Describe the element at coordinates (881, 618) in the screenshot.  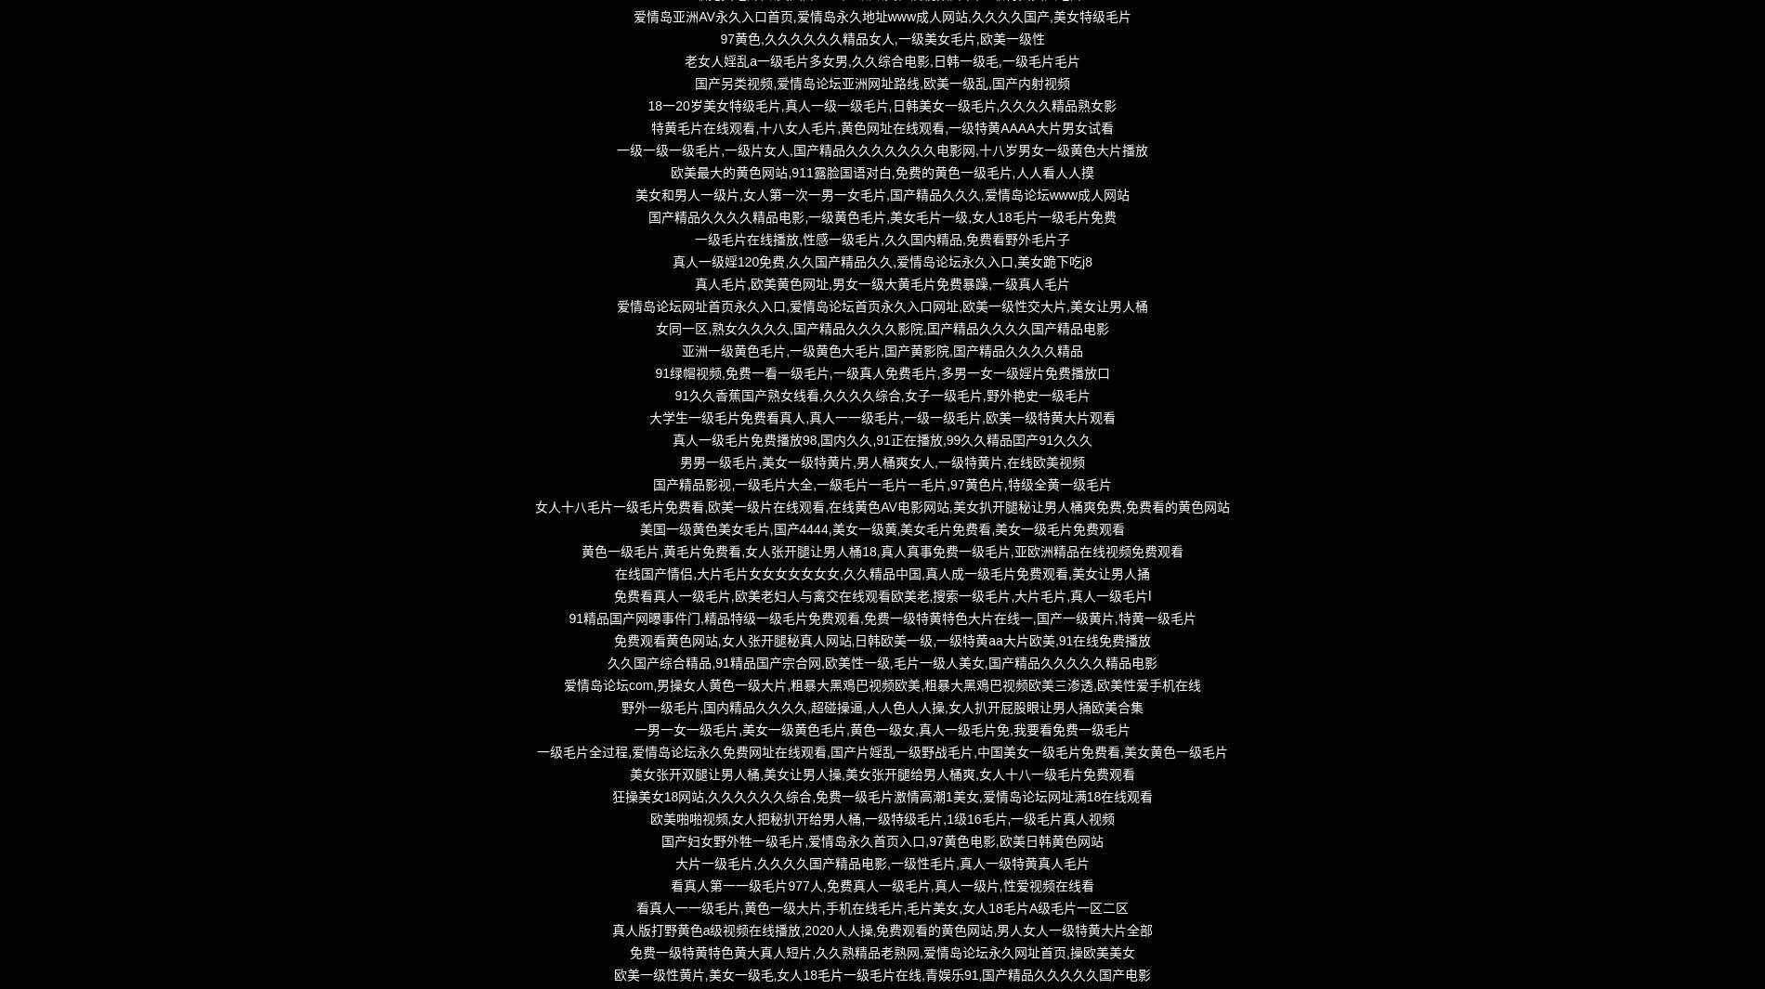
I see `'91精品国产网曝事件门,精品特级一级毛片免费观看,免费一级特黄特色大片在线一,国产一级黄片,特黄一级毛片'` at that location.